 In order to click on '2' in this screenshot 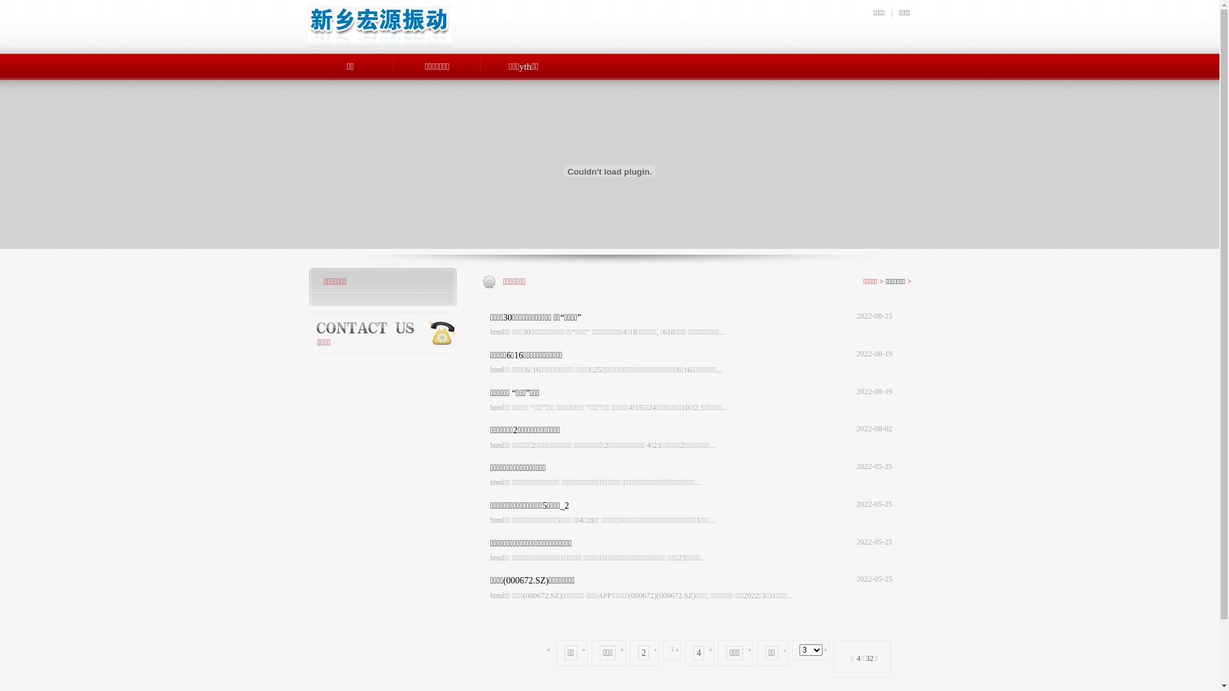, I will do `click(643, 653)`.